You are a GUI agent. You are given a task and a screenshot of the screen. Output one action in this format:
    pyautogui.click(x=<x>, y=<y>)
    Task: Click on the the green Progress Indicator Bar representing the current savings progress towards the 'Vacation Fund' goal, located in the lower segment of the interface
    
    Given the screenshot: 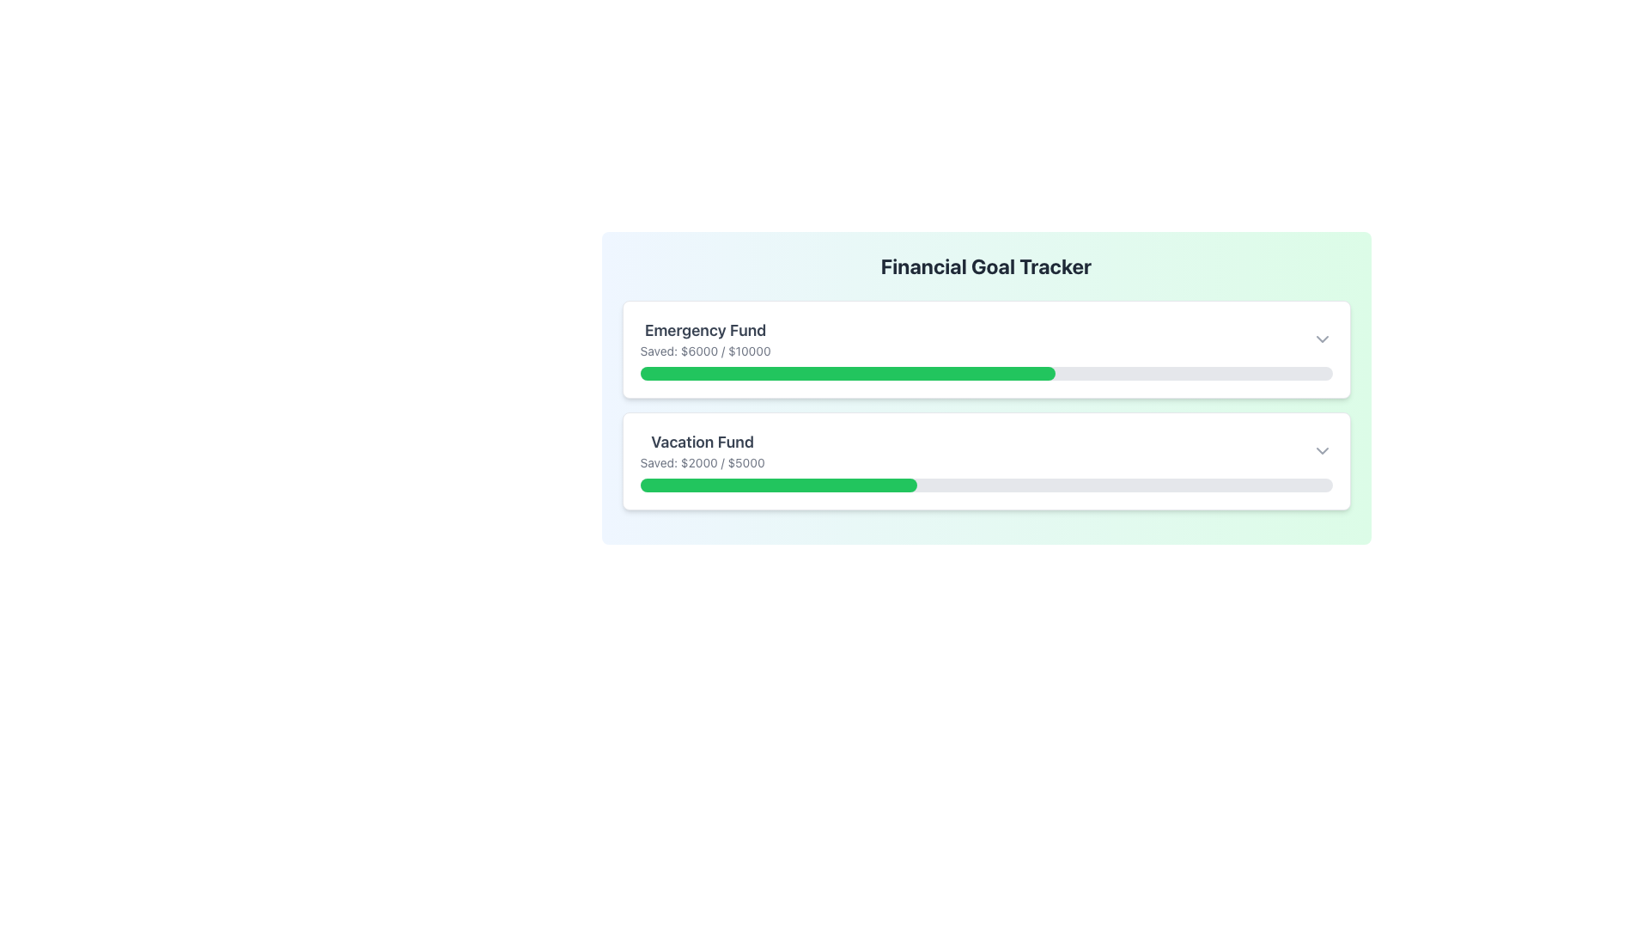 What is the action you would take?
    pyautogui.click(x=777, y=485)
    